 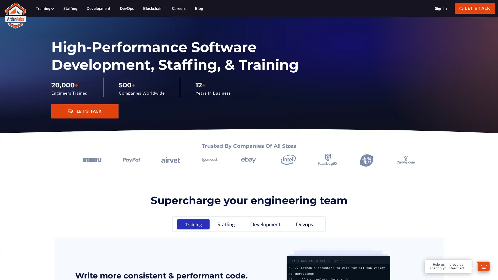 I want to click on Dismiss Message, so click(x=471, y=260).